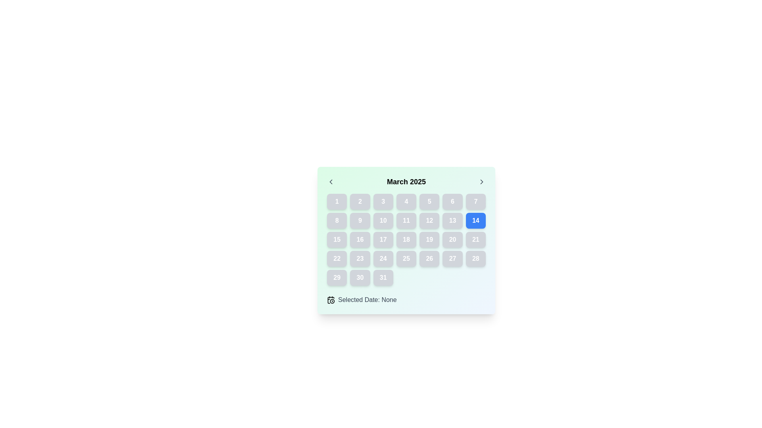 The height and width of the screenshot is (428, 762). Describe the element at coordinates (360, 239) in the screenshot. I see `the calendar date button displaying the number '16' to change its background color from grey to blue` at that location.